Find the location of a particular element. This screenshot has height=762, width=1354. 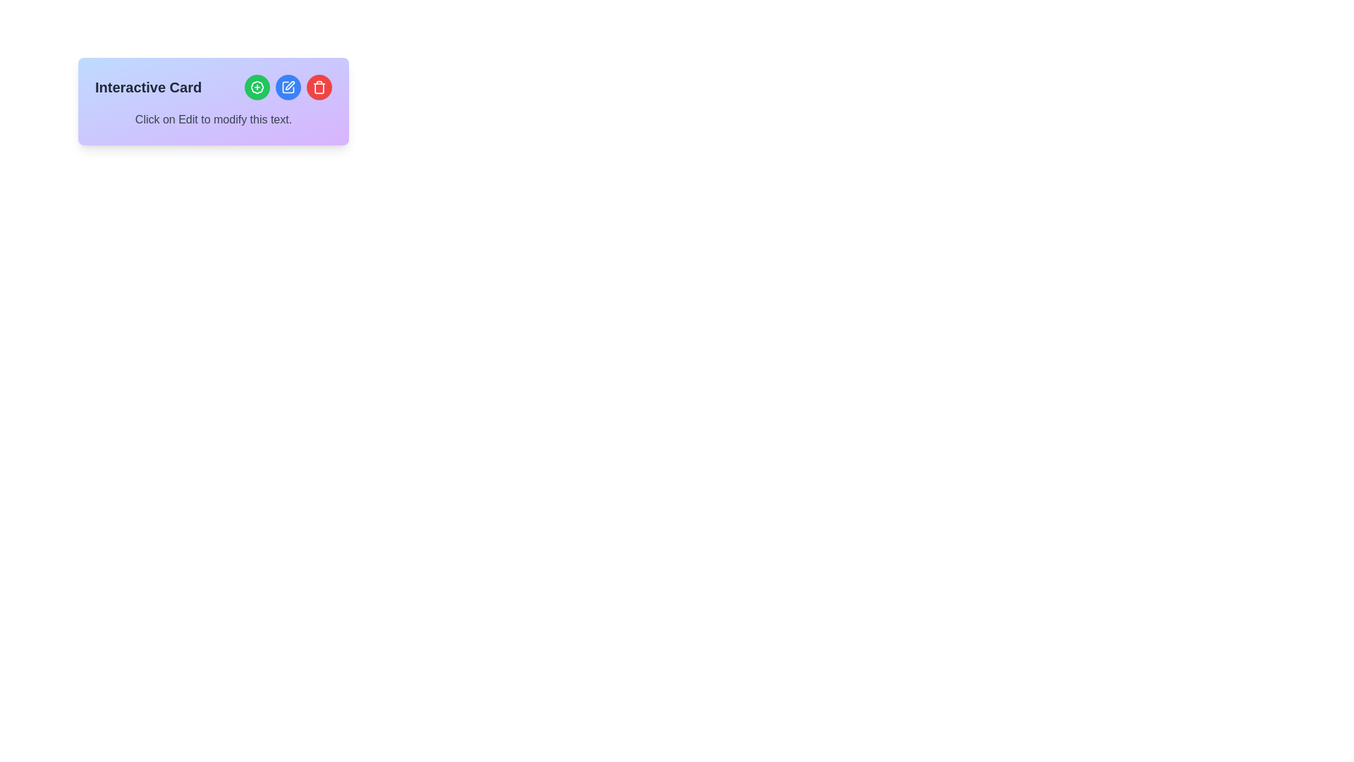

the 'Delete' button, which is the third icon from the left in the group of interactive icons at the top-right of the card is located at coordinates (318, 87).